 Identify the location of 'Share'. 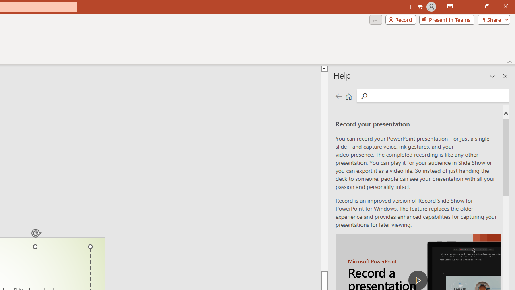
(492, 19).